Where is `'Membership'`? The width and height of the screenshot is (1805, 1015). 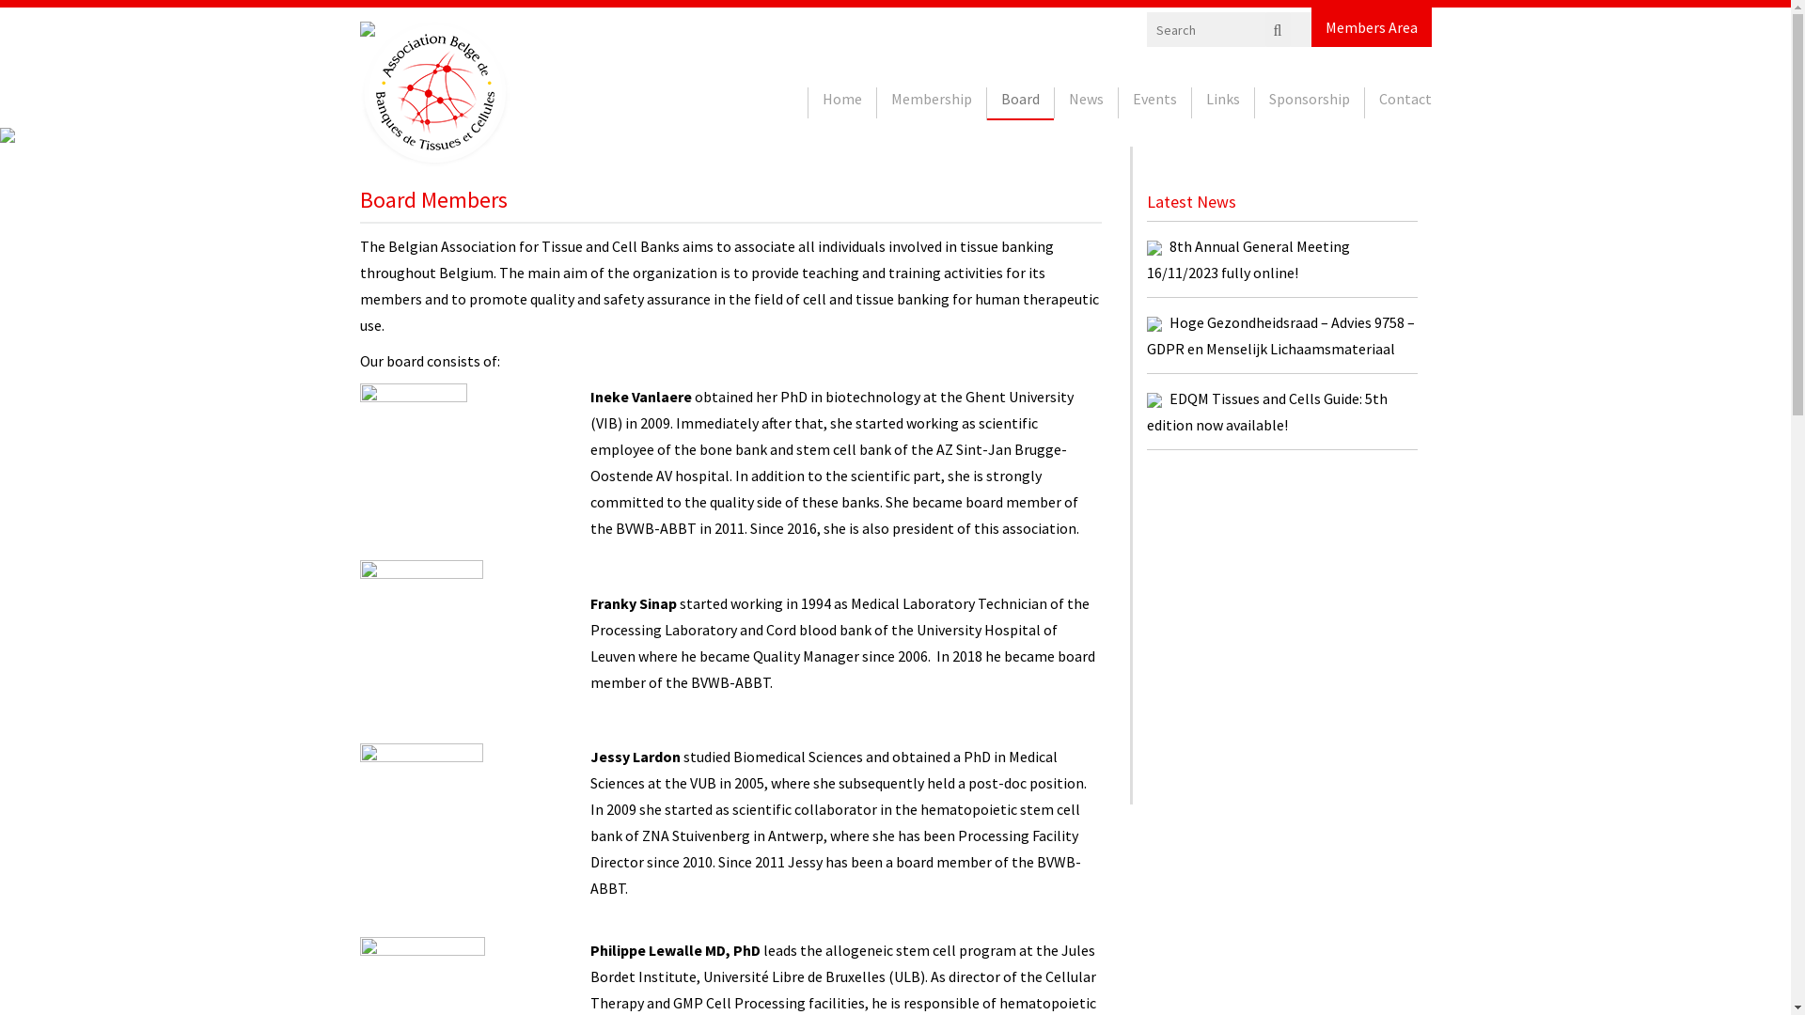
'Membership' is located at coordinates (930, 102).